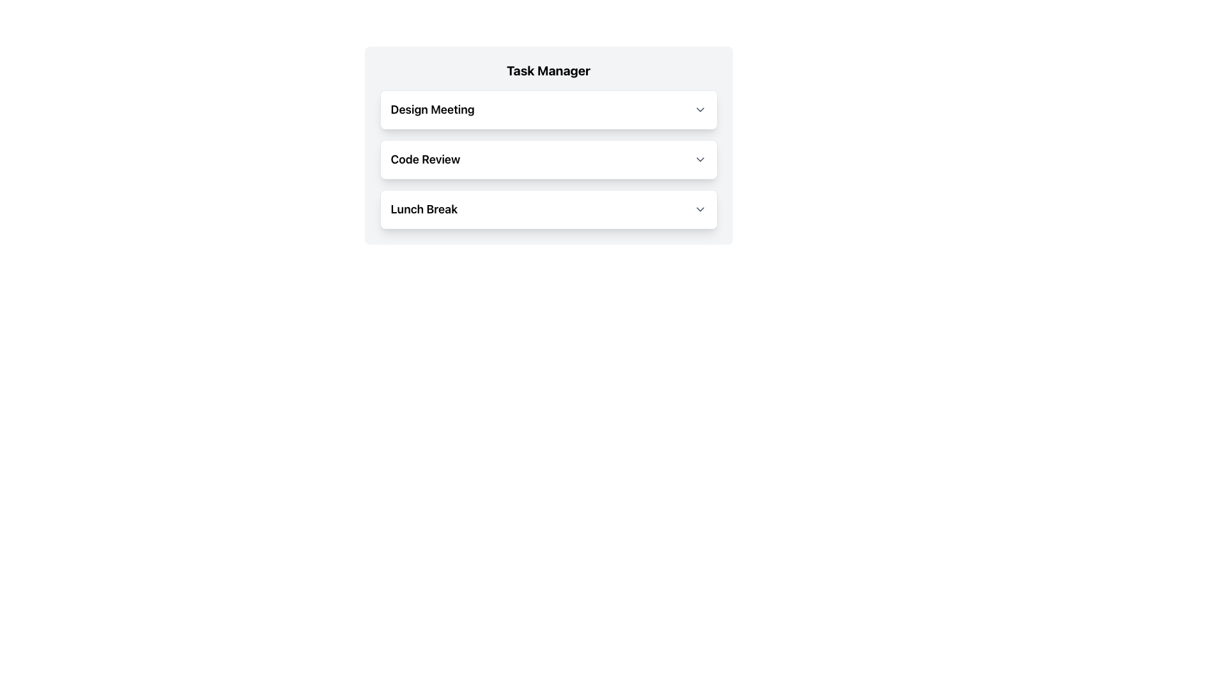 The image size is (1227, 690). I want to click on the bold heading 'Task Manager' located at the top of the interface, which is centrally positioned above the collapsible sections, so click(548, 71).